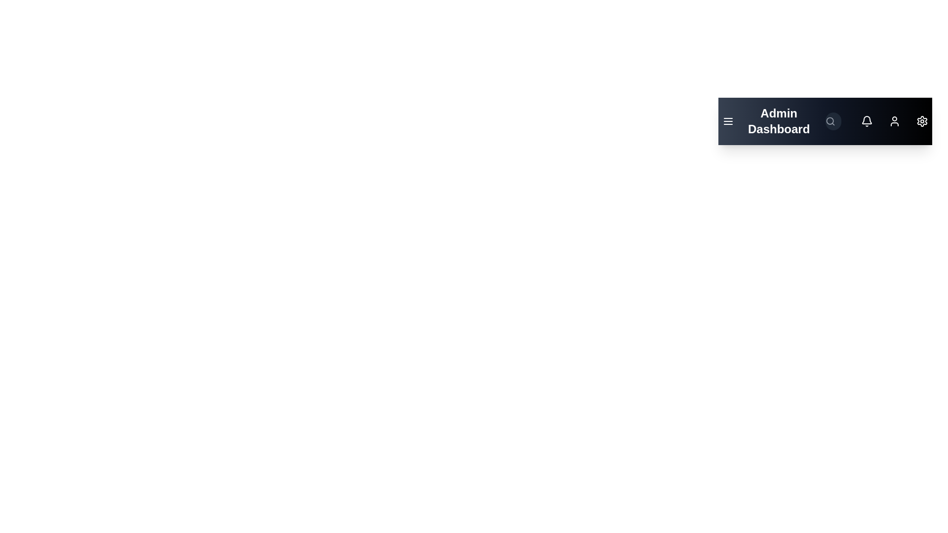  What do you see at coordinates (829, 121) in the screenshot?
I see `the search icon in the app bar` at bounding box center [829, 121].